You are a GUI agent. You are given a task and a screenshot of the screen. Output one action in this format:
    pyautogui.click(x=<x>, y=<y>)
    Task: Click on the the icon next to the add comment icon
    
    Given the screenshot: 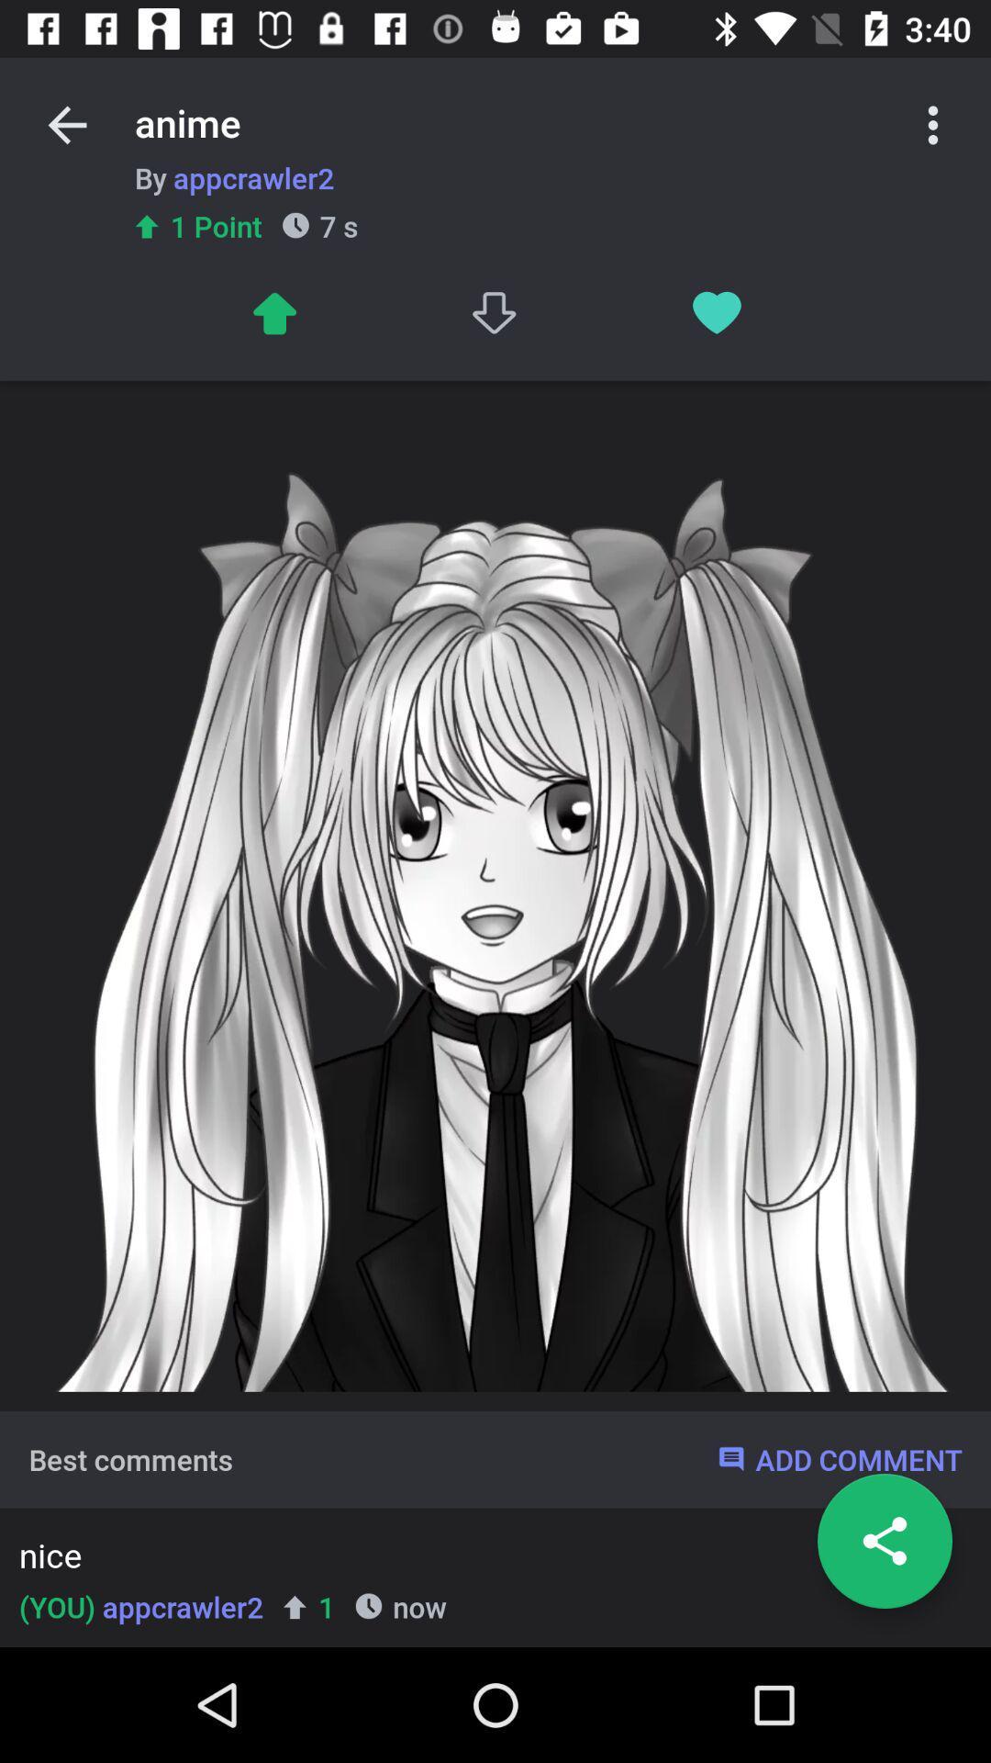 What is the action you would take?
    pyautogui.click(x=129, y=1458)
    